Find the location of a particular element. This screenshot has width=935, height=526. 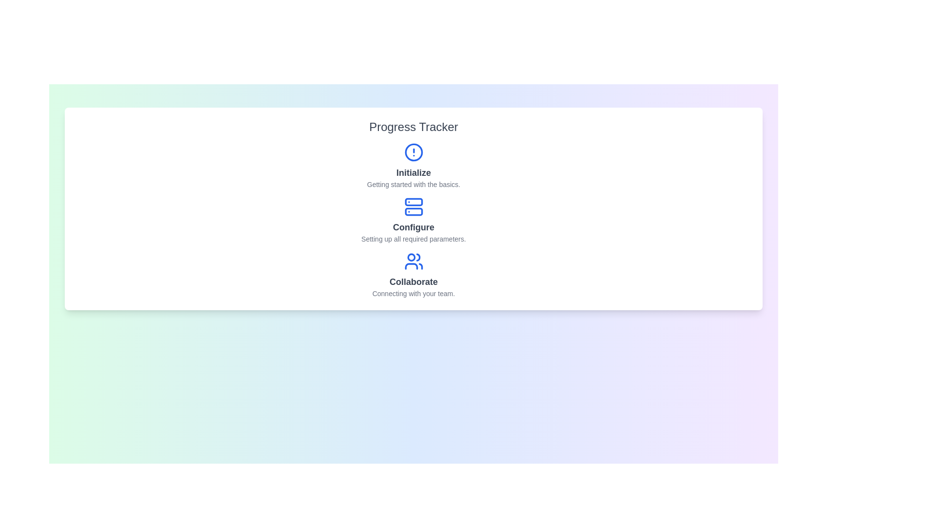

the step labeled Configure is located at coordinates (413, 220).